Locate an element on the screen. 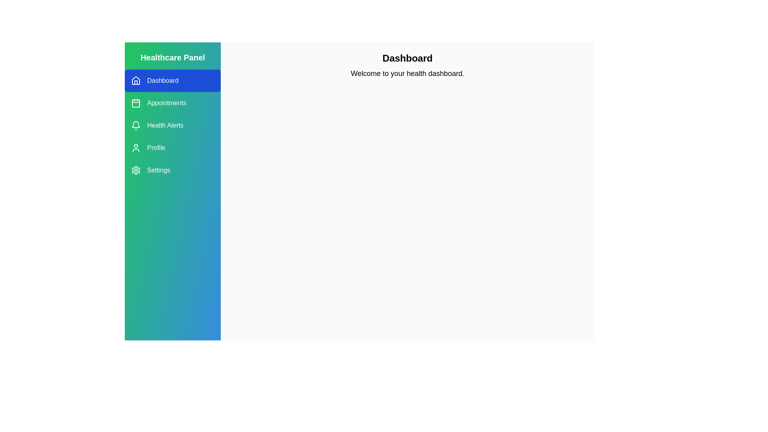 This screenshot has height=432, width=768. the informative greeting message Text Label located below the 'Dashboard' title on the health dashboard is located at coordinates (407, 74).